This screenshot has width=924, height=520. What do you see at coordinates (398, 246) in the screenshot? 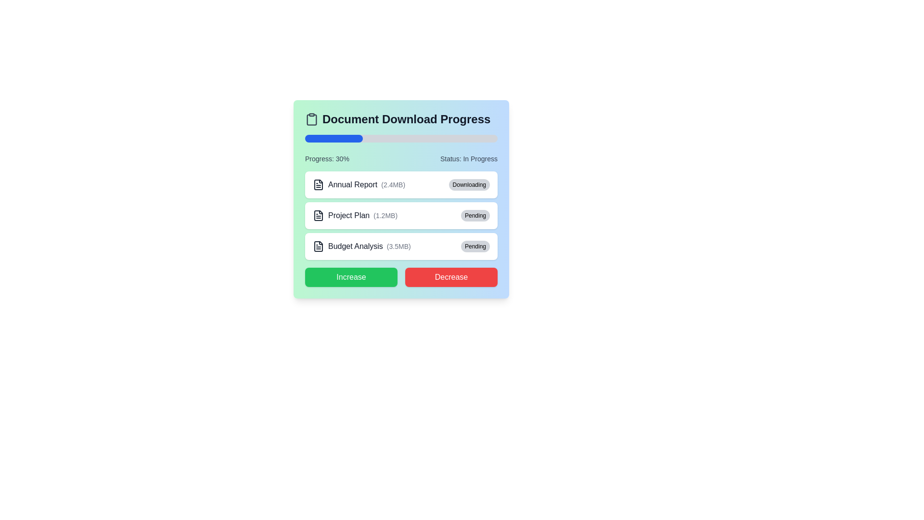
I see `the small gray text label displaying the file size, which is positioned immediately after the 'Budget Analysis' label in the Document Download Progress panel` at bounding box center [398, 246].